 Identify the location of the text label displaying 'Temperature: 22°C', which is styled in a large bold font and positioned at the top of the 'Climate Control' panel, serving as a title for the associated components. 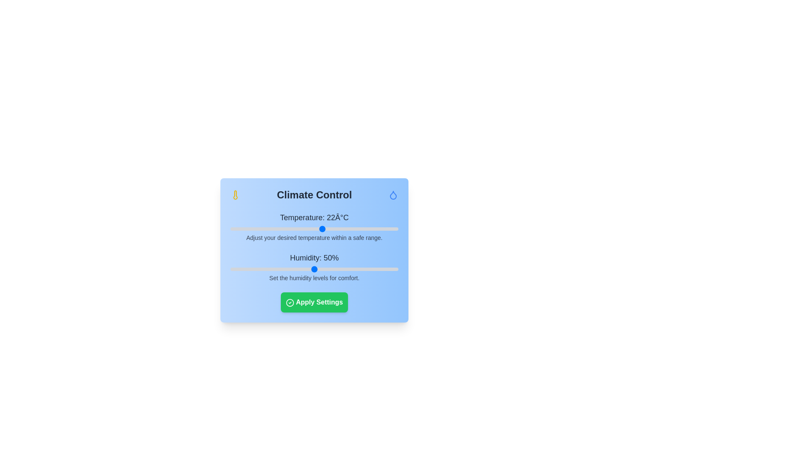
(314, 217).